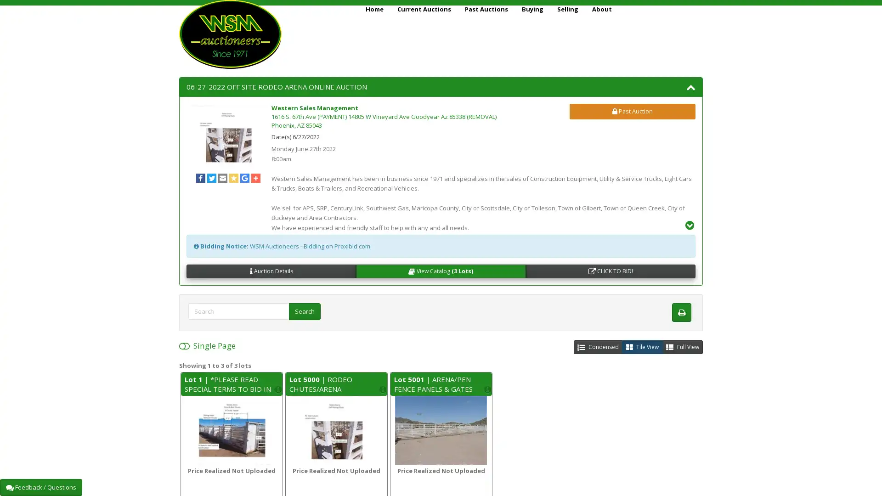 This screenshot has width=882, height=496. Describe the element at coordinates (276, 87) in the screenshot. I see `06-27-2022 OFF SITE RODEO ARENA ONLINE AUCTION` at that location.